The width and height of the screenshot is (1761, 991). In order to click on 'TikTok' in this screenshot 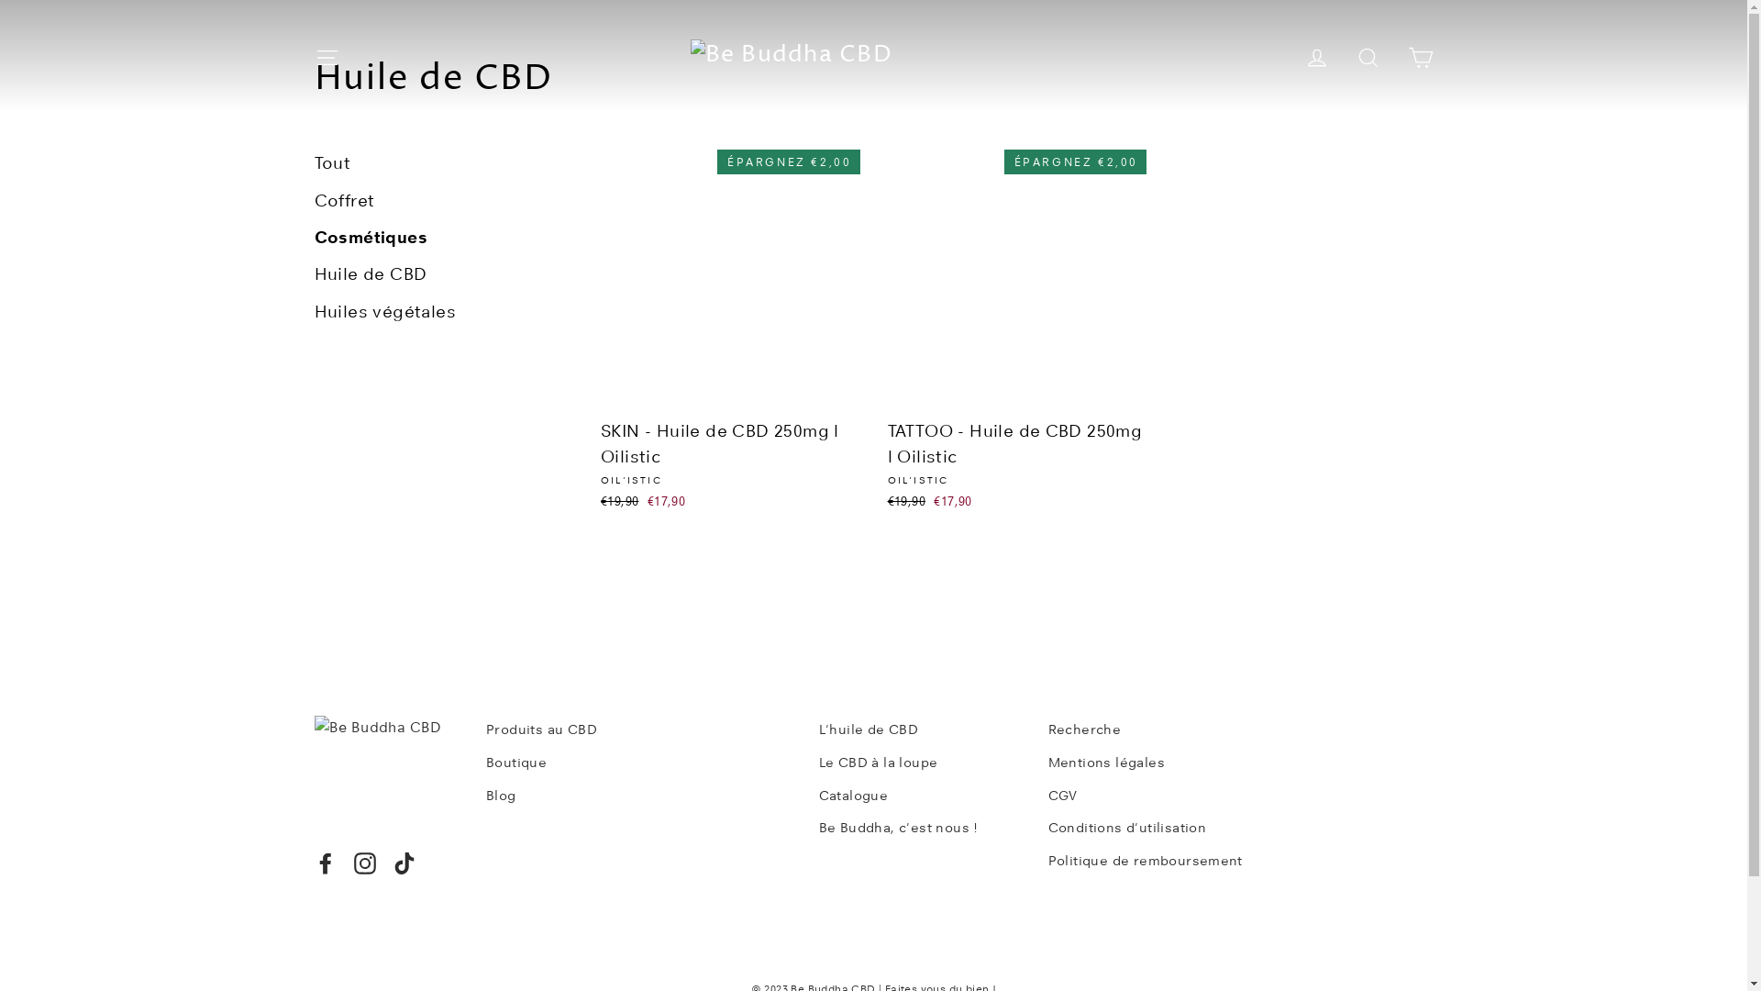, I will do `click(404, 863)`.